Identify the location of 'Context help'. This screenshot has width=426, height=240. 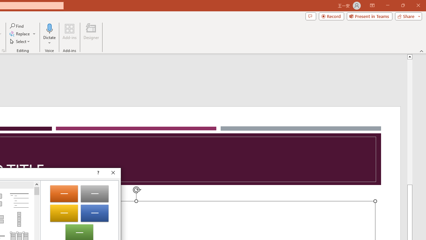
(97, 173).